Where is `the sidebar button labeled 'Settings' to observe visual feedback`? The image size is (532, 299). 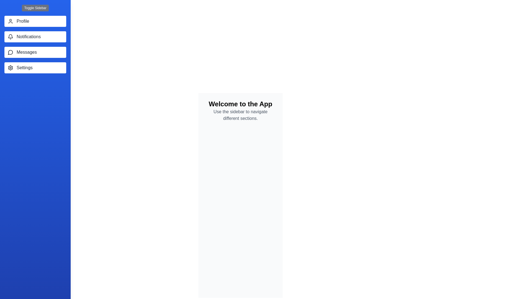
the sidebar button labeled 'Settings' to observe visual feedback is located at coordinates (35, 68).